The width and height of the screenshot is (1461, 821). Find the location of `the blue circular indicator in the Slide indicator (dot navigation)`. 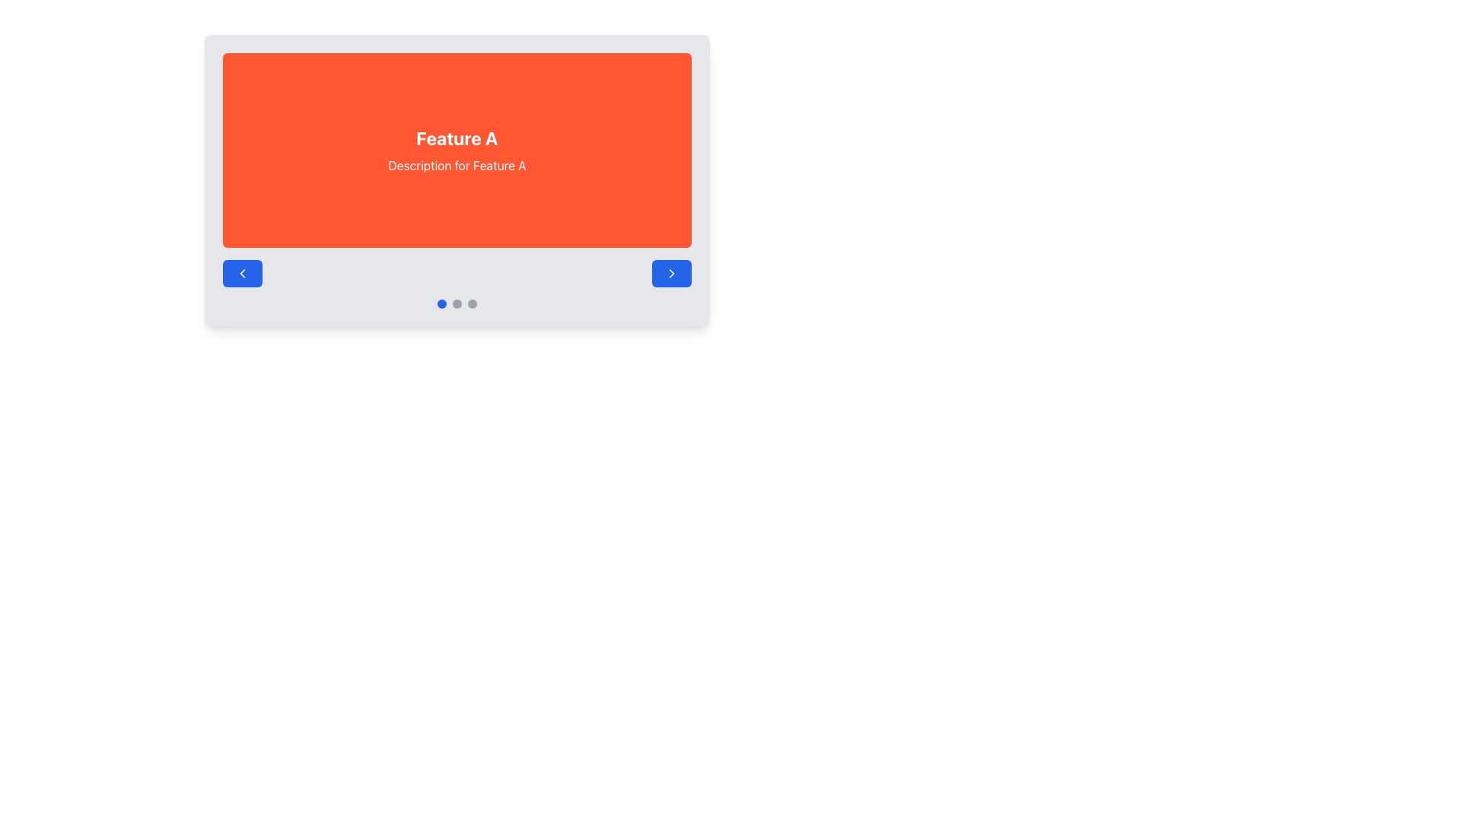

the blue circular indicator in the Slide indicator (dot navigation) is located at coordinates (456, 304).